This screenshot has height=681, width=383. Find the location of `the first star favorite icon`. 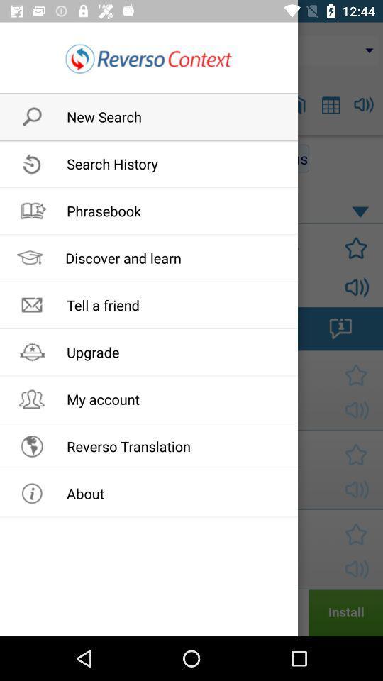

the first star favorite icon is located at coordinates (352, 248).